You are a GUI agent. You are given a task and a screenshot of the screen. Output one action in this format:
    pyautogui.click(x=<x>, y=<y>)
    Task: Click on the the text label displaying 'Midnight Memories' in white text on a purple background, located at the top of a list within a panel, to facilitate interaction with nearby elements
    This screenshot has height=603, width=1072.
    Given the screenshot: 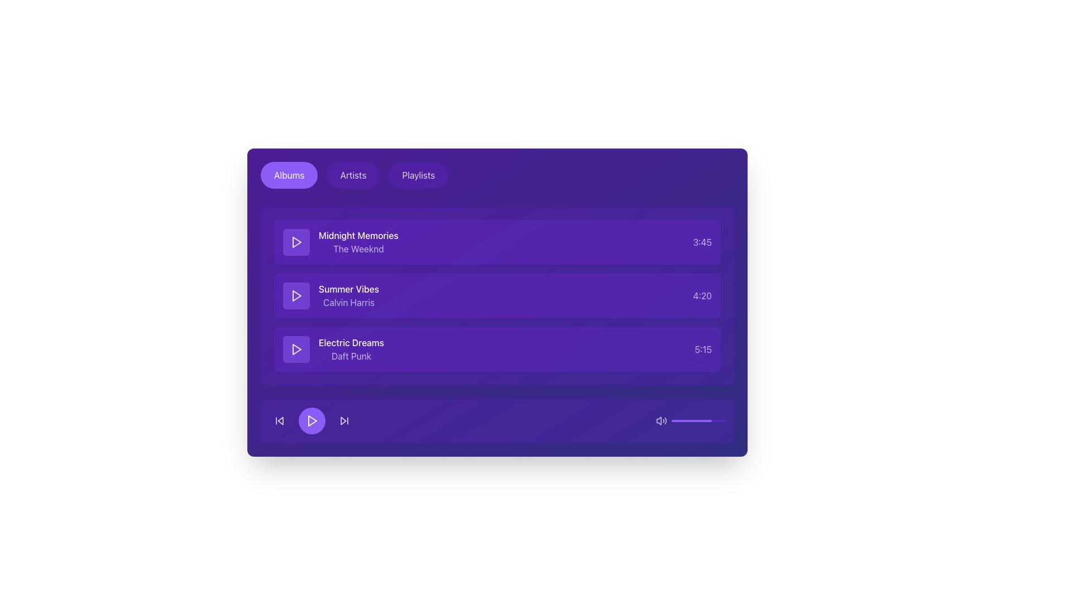 What is the action you would take?
    pyautogui.click(x=358, y=234)
    